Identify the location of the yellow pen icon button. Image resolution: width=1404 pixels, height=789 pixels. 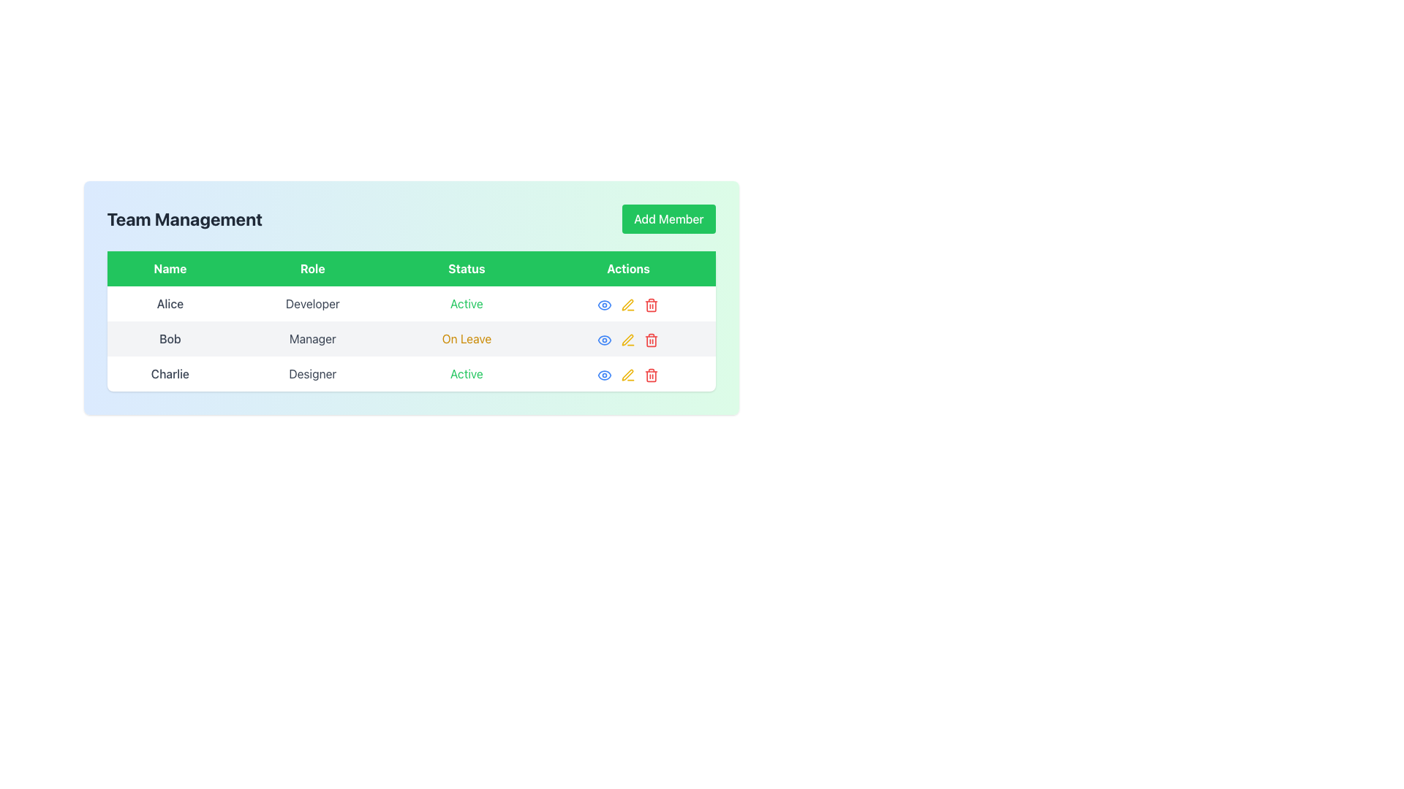
(628, 338).